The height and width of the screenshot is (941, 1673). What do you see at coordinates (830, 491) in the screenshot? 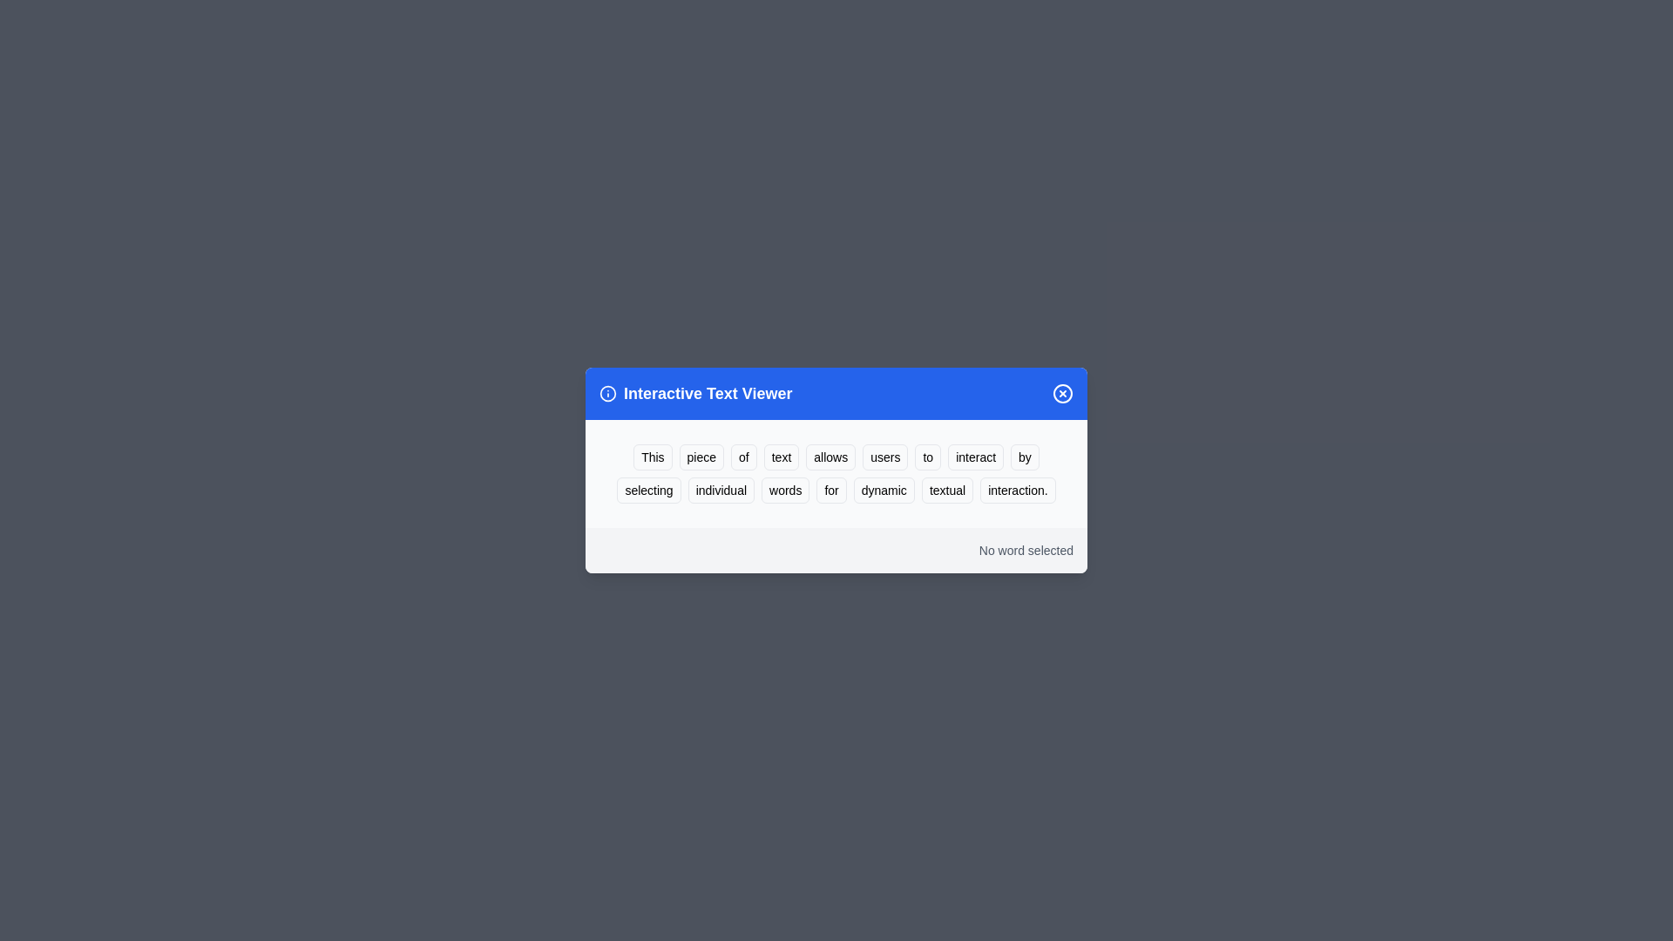
I see `the word 'for' to highlight it` at bounding box center [830, 491].